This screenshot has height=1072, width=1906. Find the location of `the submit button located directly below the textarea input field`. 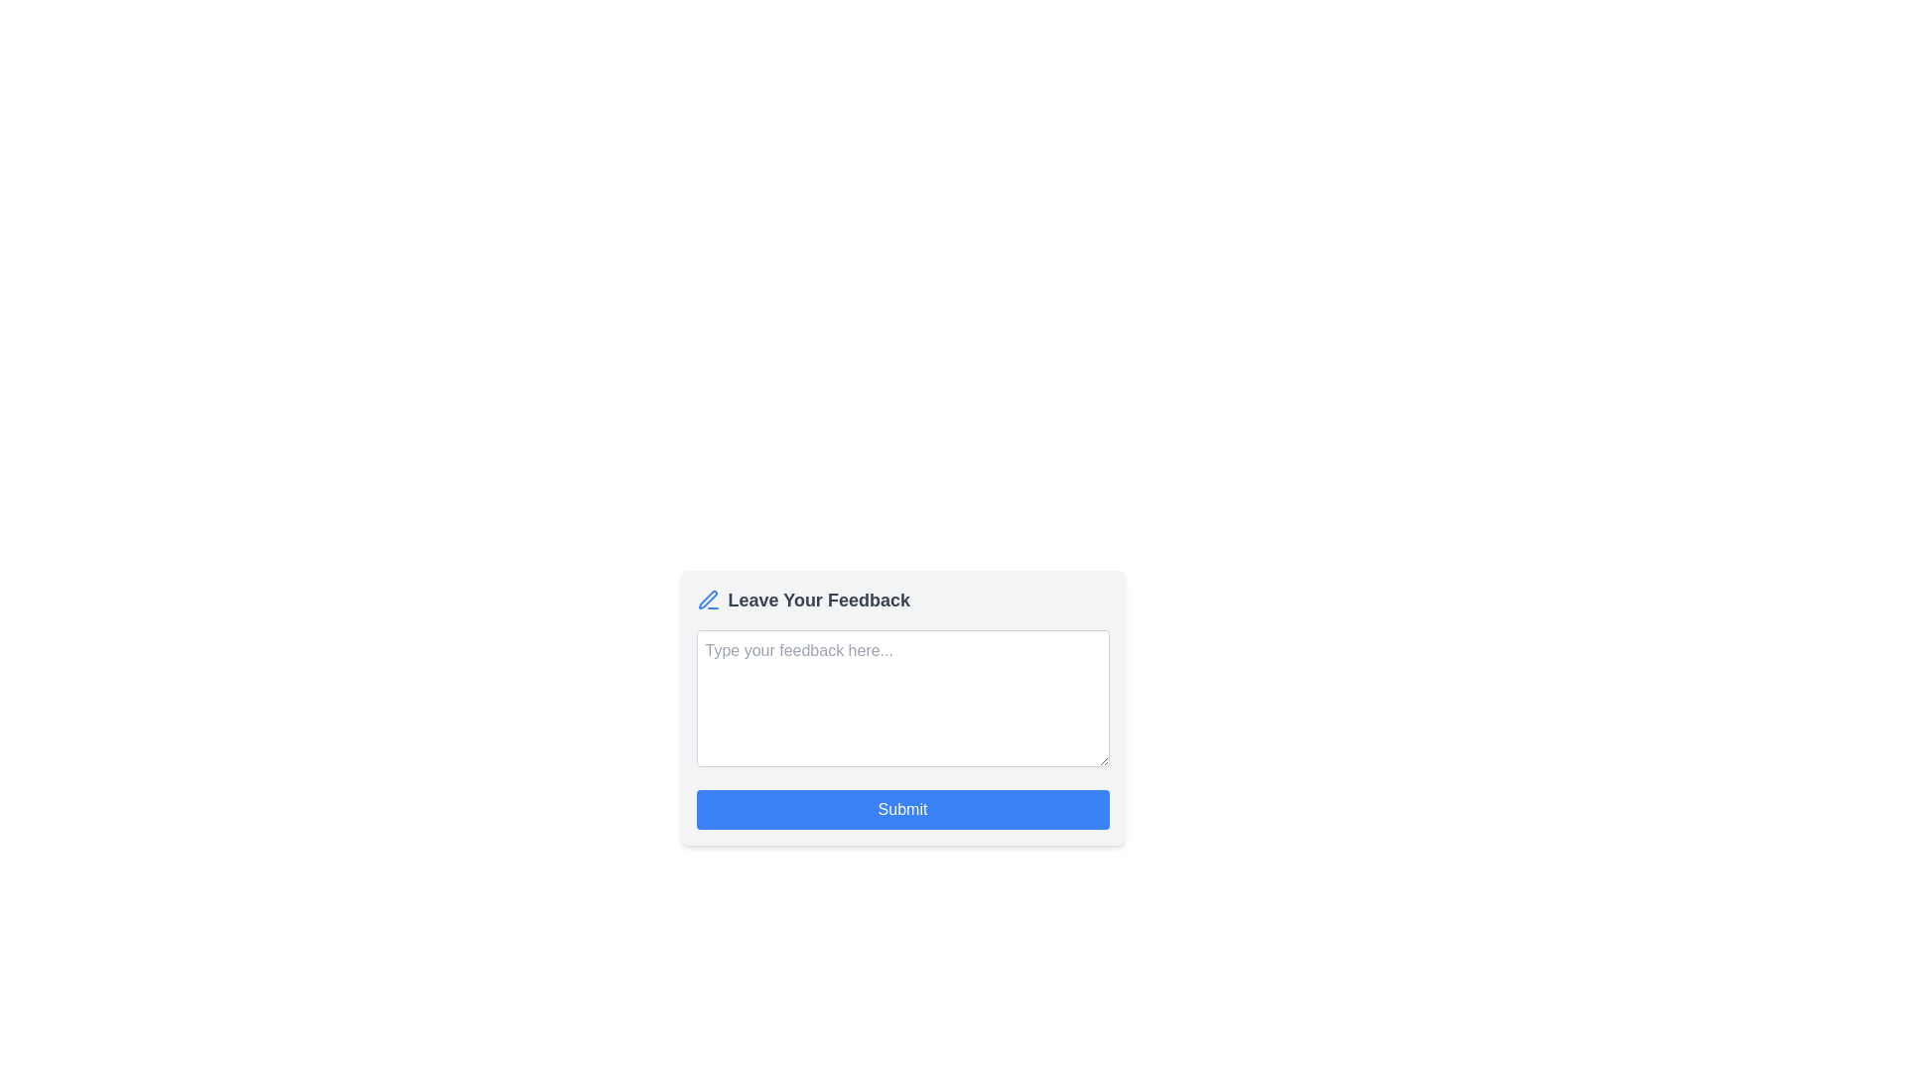

the submit button located directly below the textarea input field is located at coordinates (901, 810).